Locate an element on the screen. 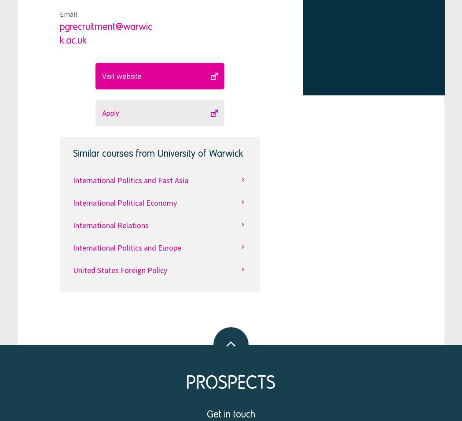 Image resolution: width=462 pixels, height=421 pixels. 'International Politics and Europe' is located at coordinates (72, 247).